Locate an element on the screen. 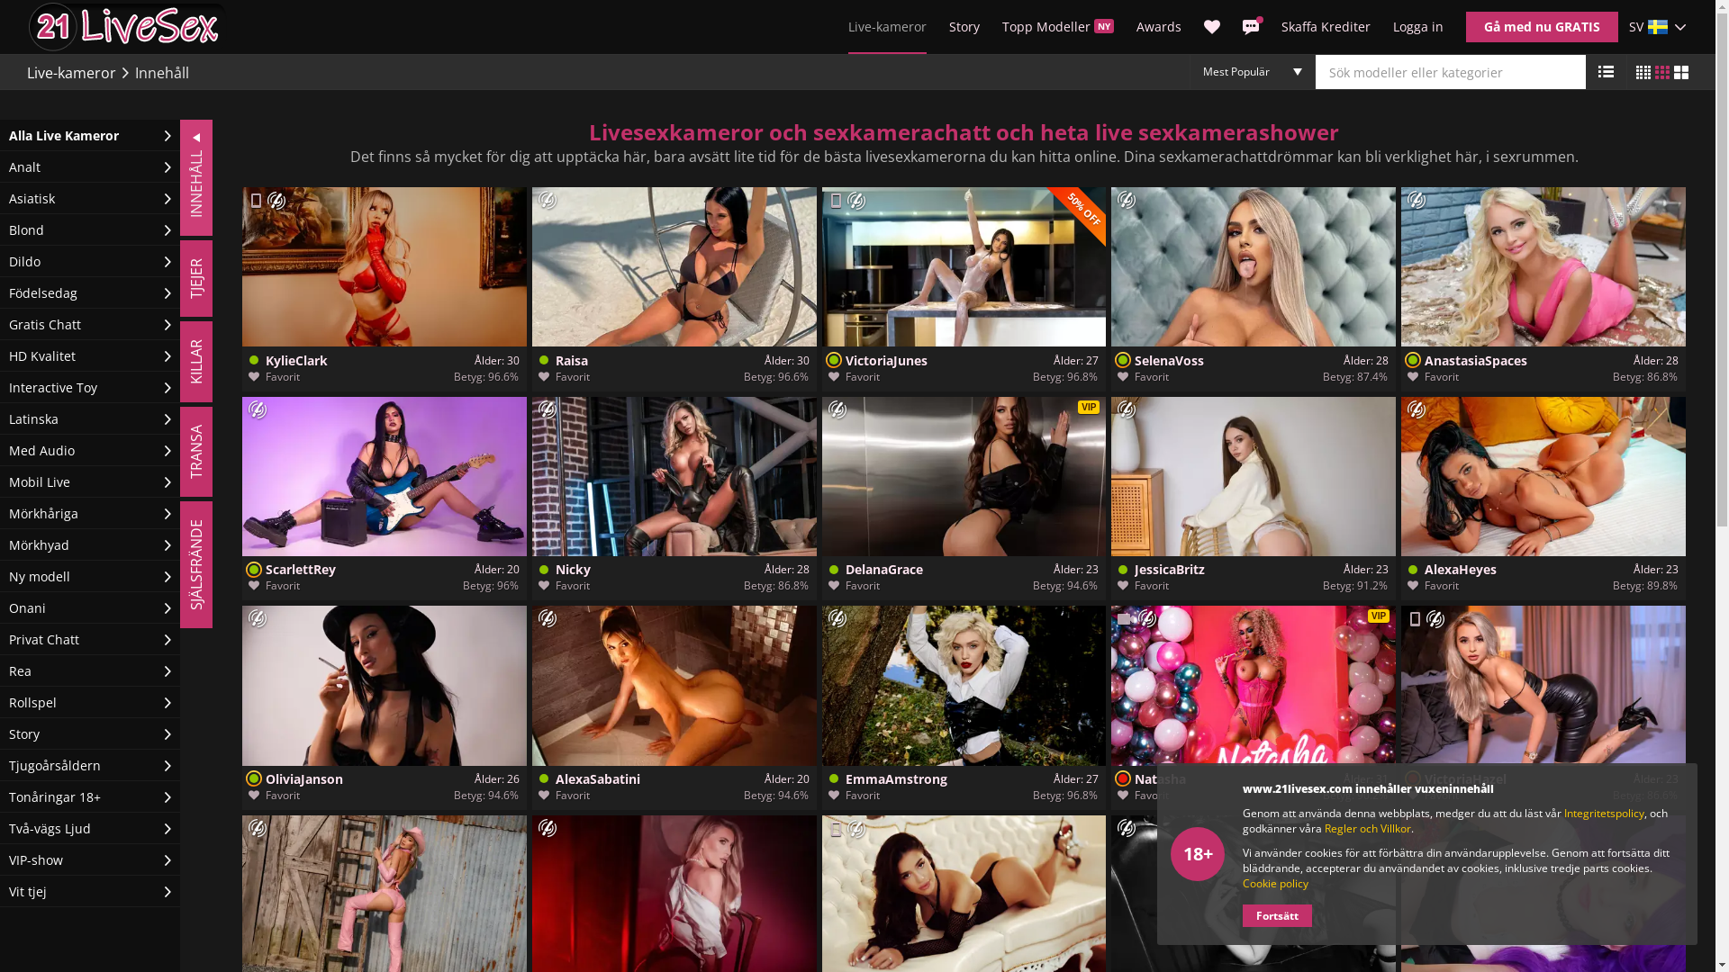 This screenshot has height=972, width=1729. 'Rea' is located at coordinates (89, 670).